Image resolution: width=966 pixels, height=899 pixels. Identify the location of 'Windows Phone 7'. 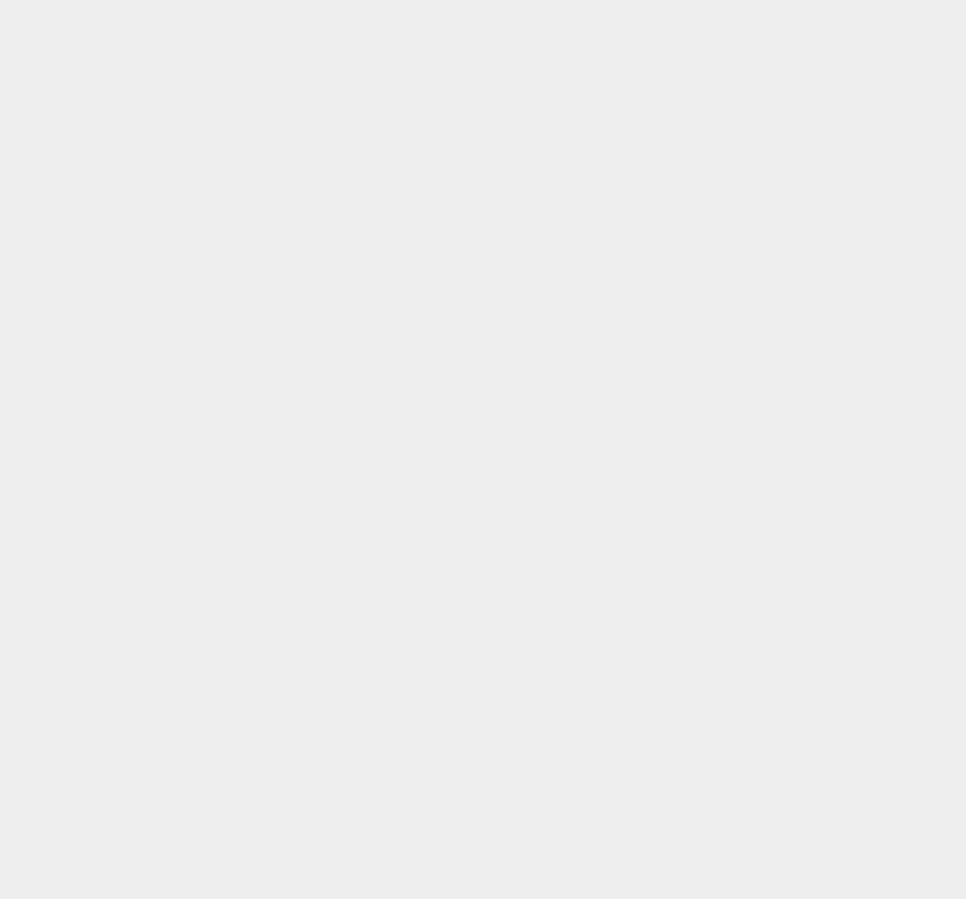
(729, 210).